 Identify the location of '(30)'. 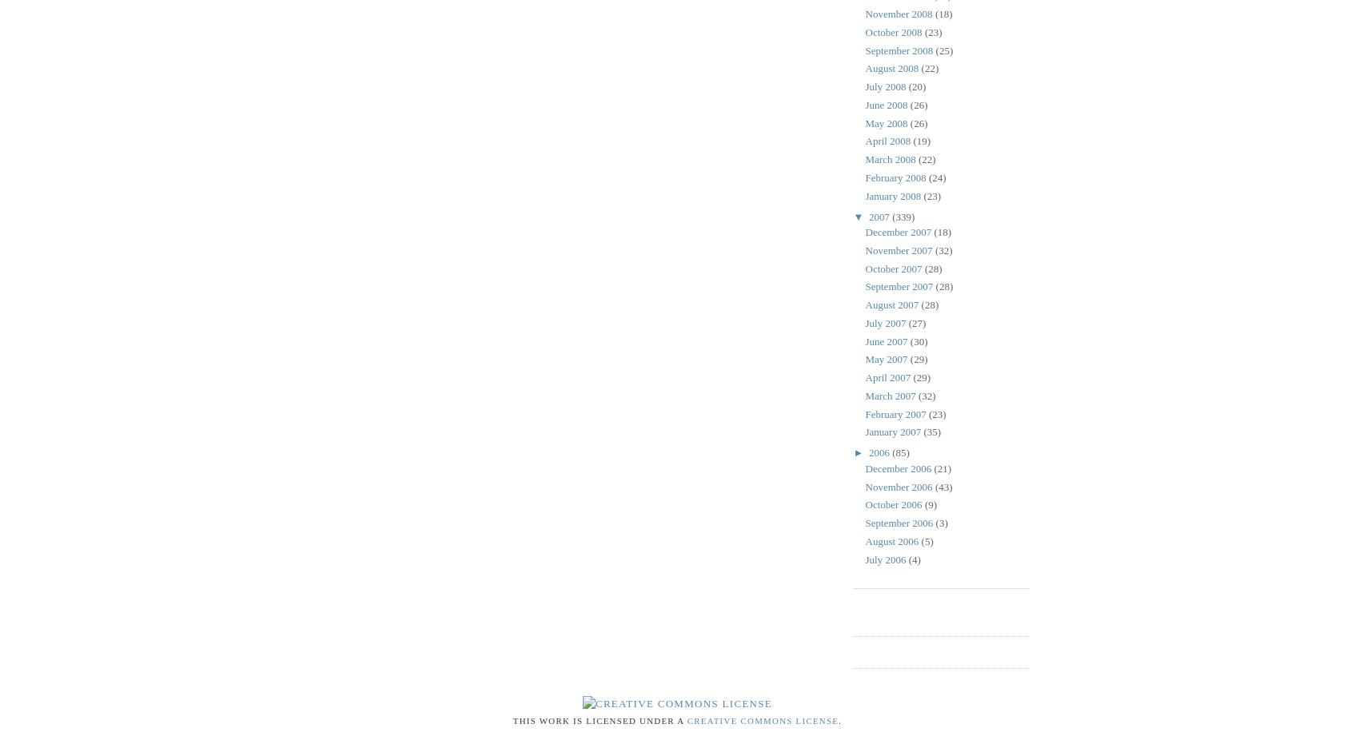
(918, 340).